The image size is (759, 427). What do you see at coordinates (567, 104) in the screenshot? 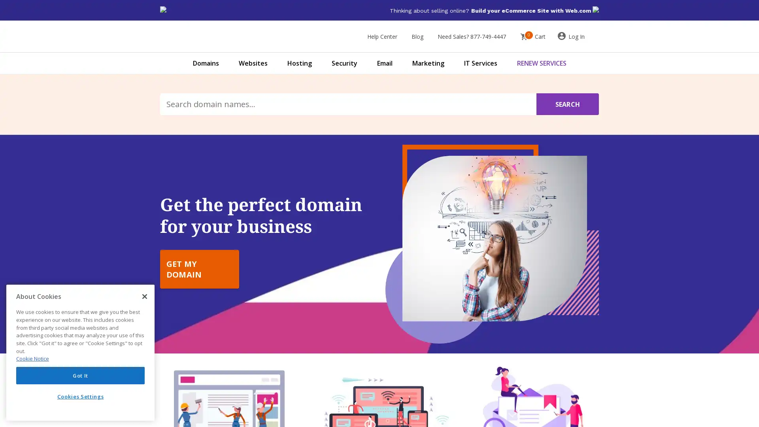
I see `SEARCH` at bounding box center [567, 104].